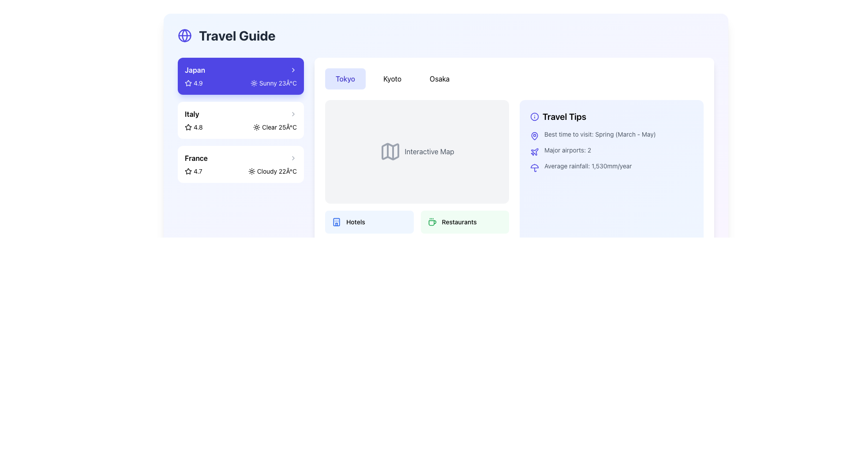 The image size is (847, 476). I want to click on the airport icon located before the 'Major airports: 2' text in the 'Travel Tips' section on the right side of the page, so click(534, 151).